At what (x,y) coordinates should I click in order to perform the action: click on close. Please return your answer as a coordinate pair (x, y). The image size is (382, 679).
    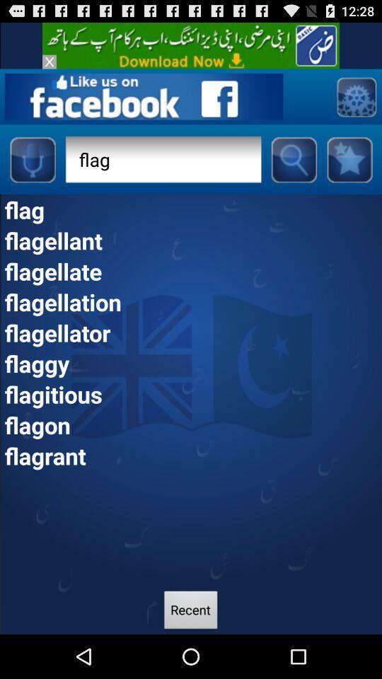
    Looking at the image, I should click on (48, 62).